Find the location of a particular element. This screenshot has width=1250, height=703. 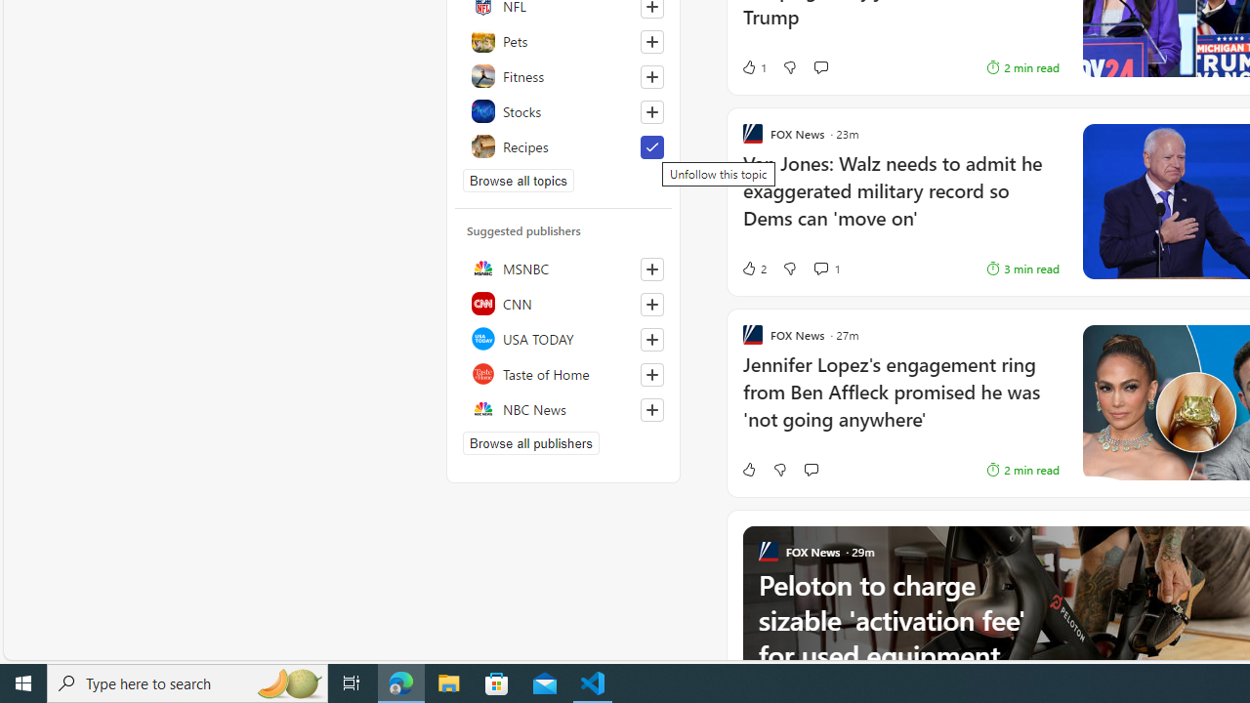

'Follow this source' is located at coordinates (652, 409).